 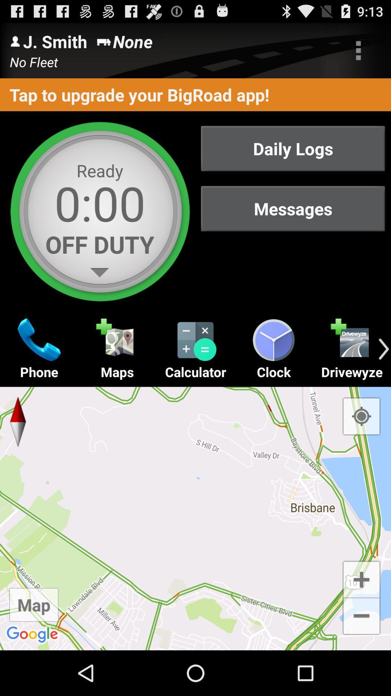 What do you see at coordinates (361, 416) in the screenshot?
I see `location symbol` at bounding box center [361, 416].